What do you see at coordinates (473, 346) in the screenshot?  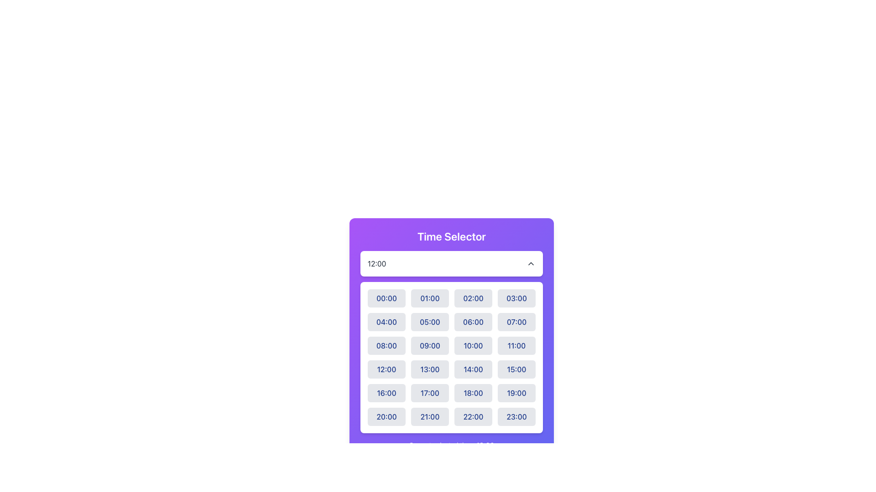 I see `the button labeled '10:00' which is the eleventh button in the grid layout, located in the third row and third column` at bounding box center [473, 346].